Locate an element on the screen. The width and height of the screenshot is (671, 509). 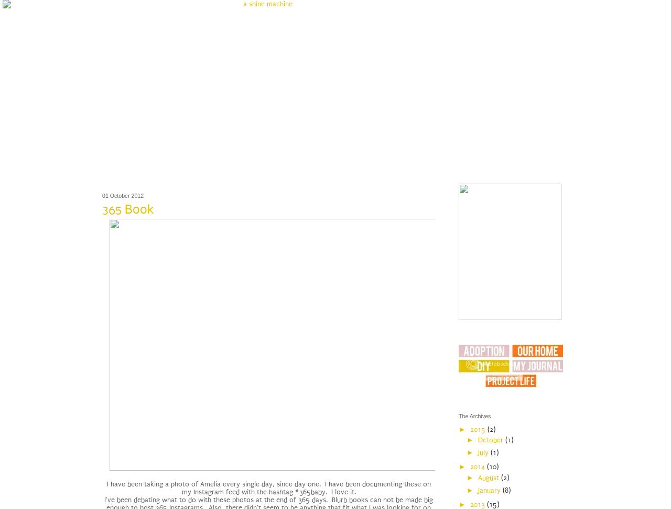
'01 October 2012' is located at coordinates (123, 194).